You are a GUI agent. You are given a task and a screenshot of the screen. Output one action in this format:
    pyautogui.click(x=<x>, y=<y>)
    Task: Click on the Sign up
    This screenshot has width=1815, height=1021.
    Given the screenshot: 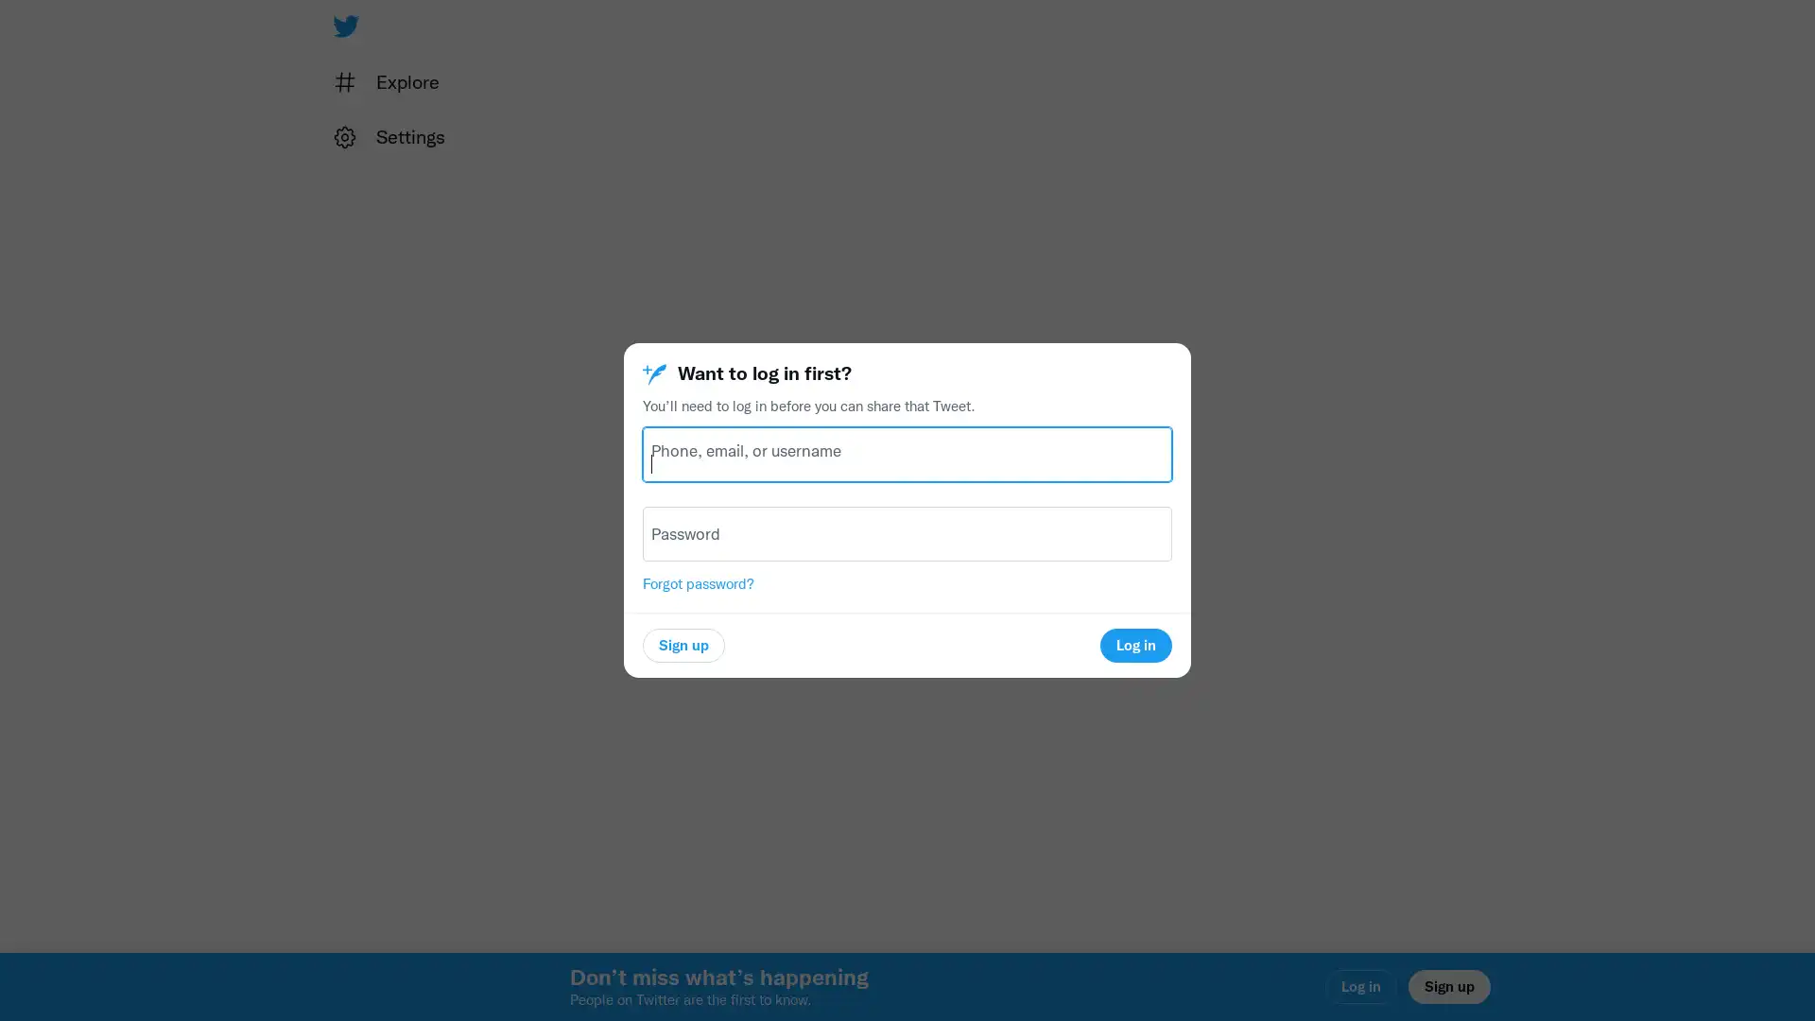 What is the action you would take?
    pyautogui.click(x=683, y=644)
    